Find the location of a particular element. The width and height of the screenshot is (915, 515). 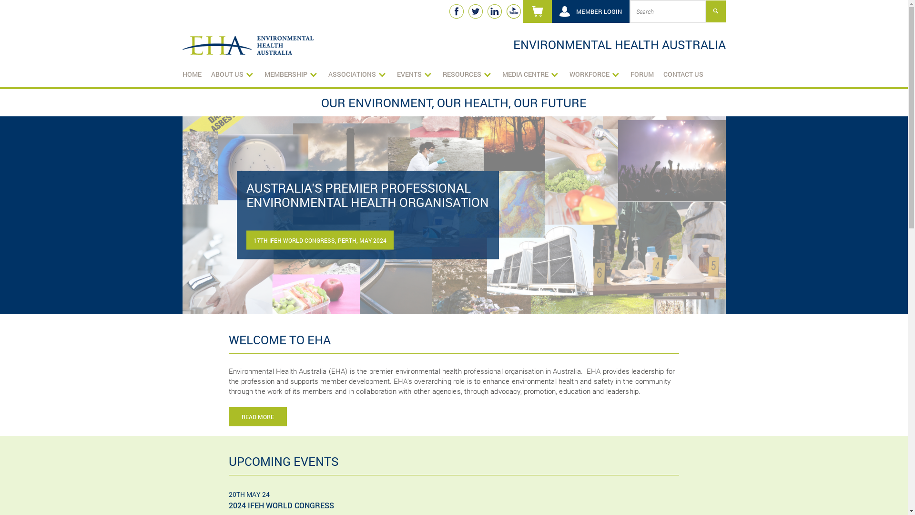

'CONTACT US' is located at coordinates (683, 73).